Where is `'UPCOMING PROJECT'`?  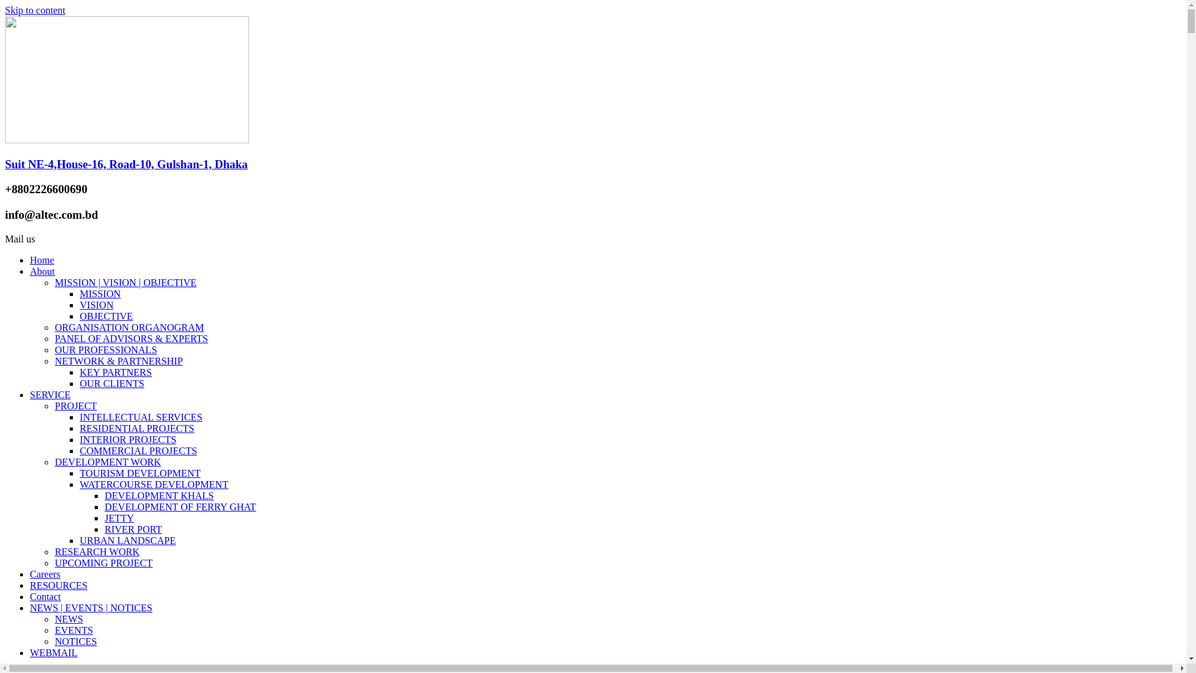
'UPCOMING PROJECT' is located at coordinates (54, 563).